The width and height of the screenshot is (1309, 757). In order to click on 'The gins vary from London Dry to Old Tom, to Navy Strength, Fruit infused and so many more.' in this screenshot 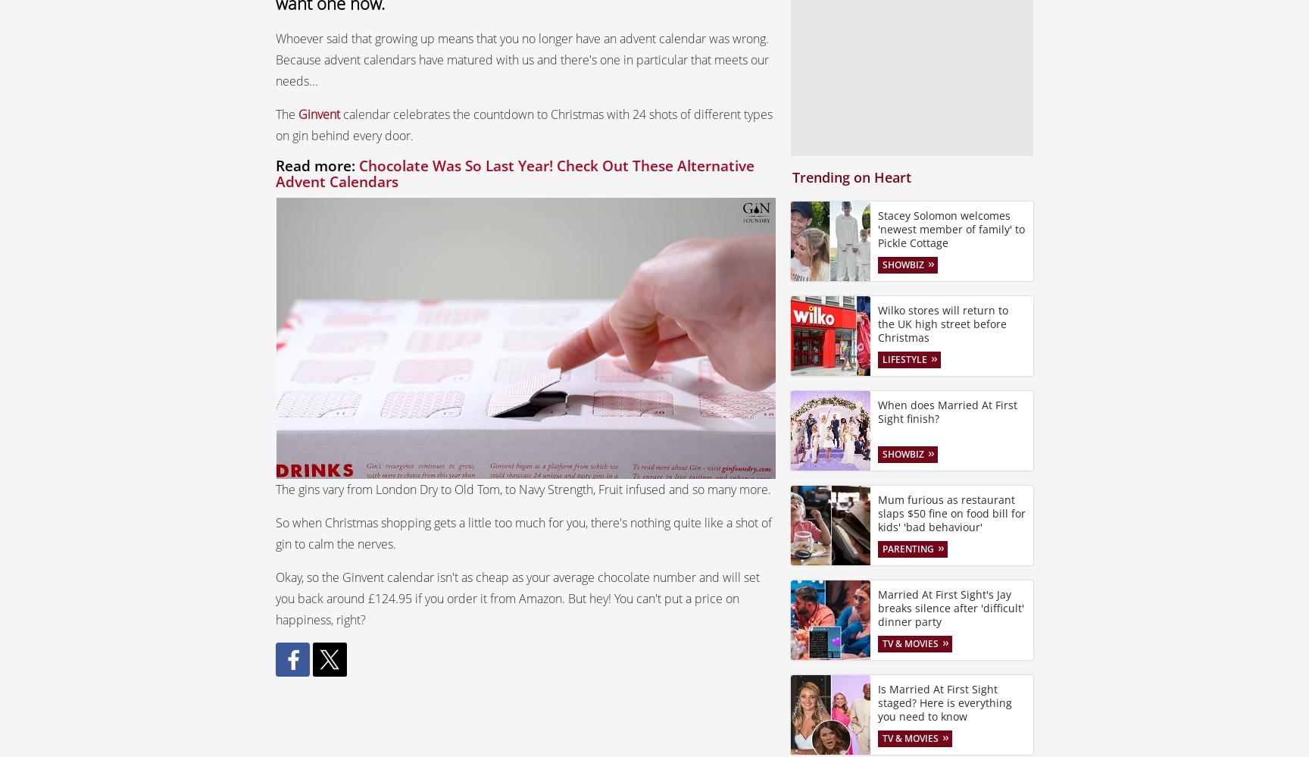, I will do `click(524, 488)`.